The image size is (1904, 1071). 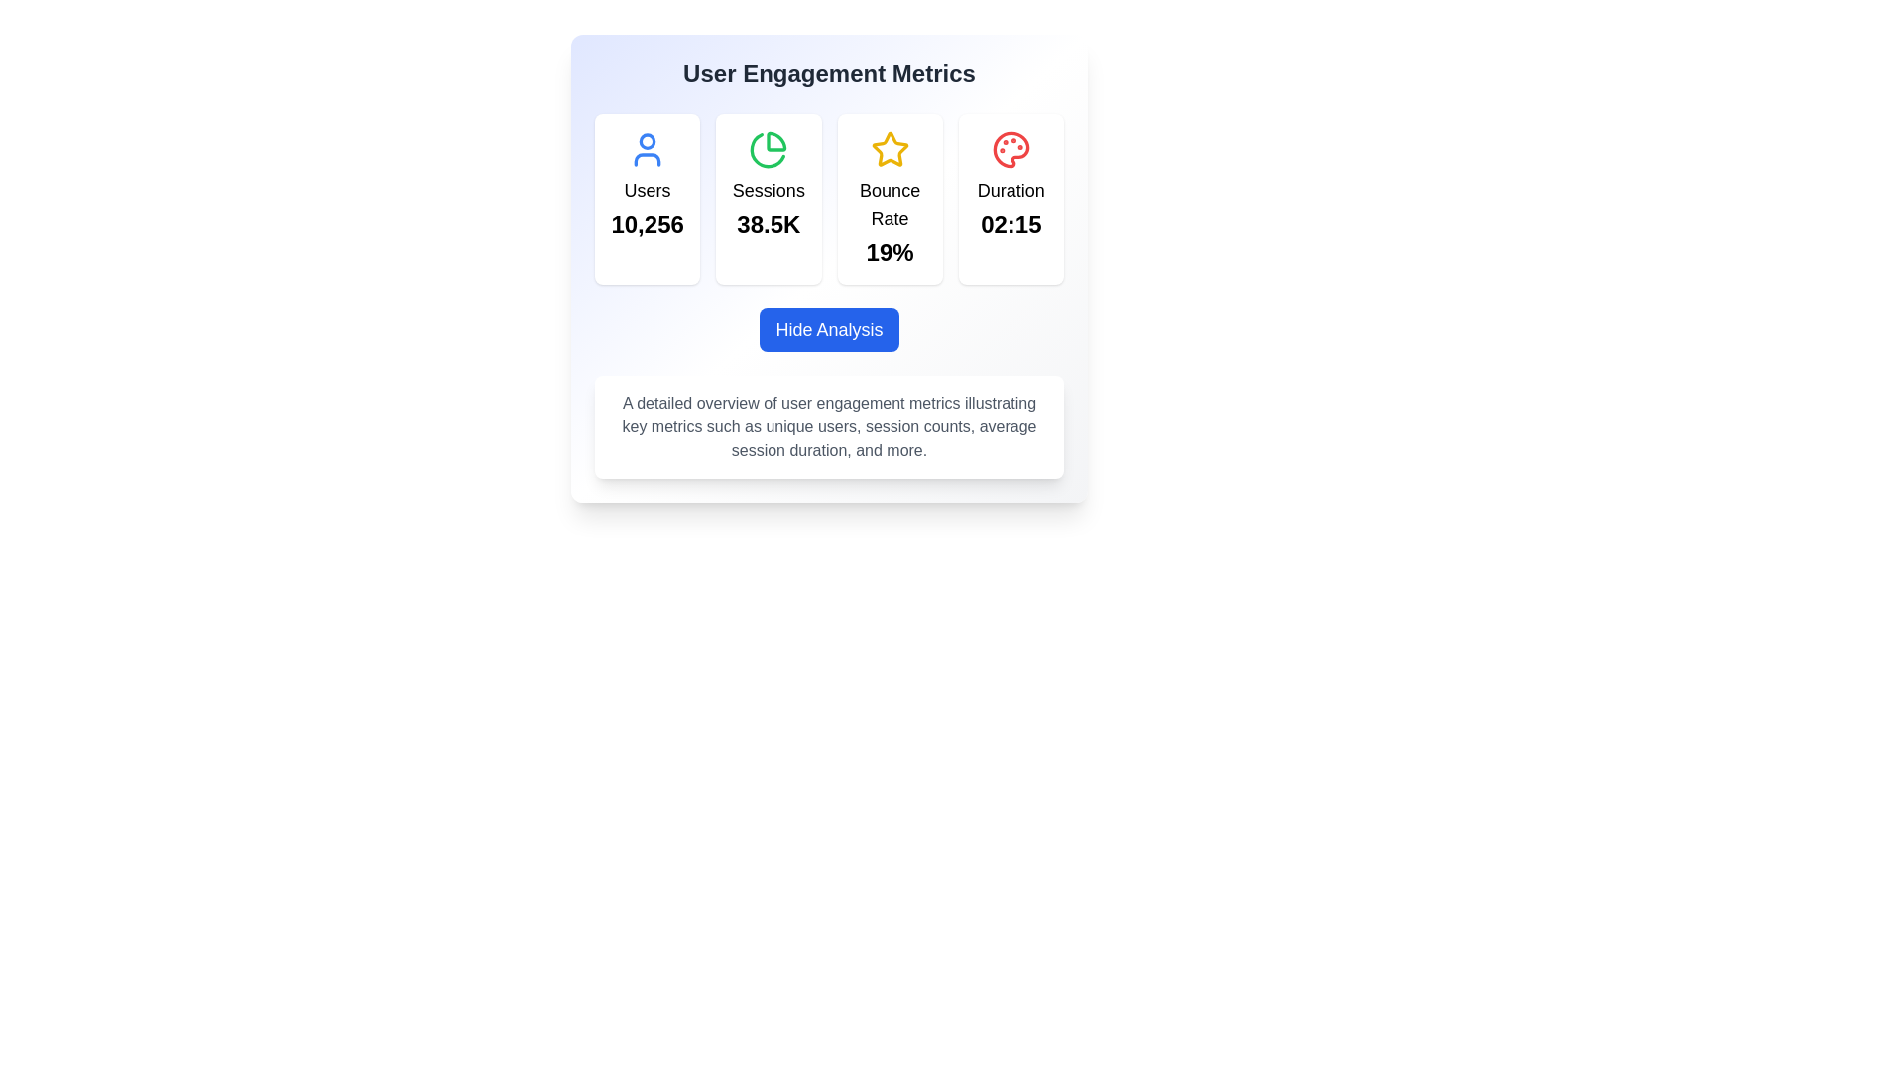 What do you see at coordinates (768, 224) in the screenshot?
I see `the text label displaying the numerical value of sessions, located within the 'Sessions' card, positioned below the 'Sessions' label and above the base of the card` at bounding box center [768, 224].